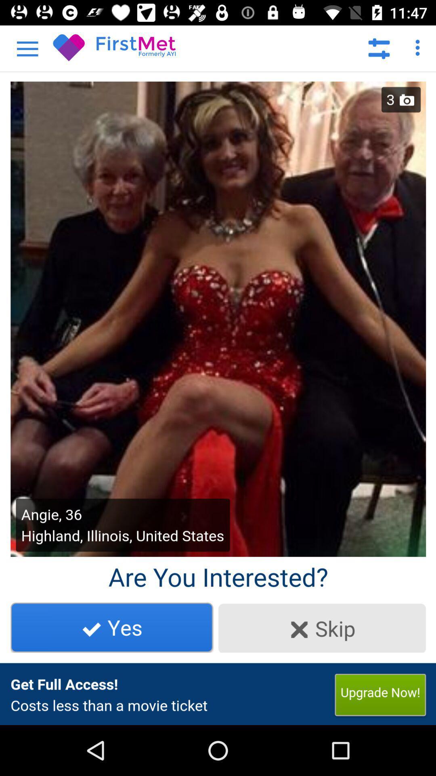 The height and width of the screenshot is (776, 436). I want to click on the menu icon, so click(15, 43).